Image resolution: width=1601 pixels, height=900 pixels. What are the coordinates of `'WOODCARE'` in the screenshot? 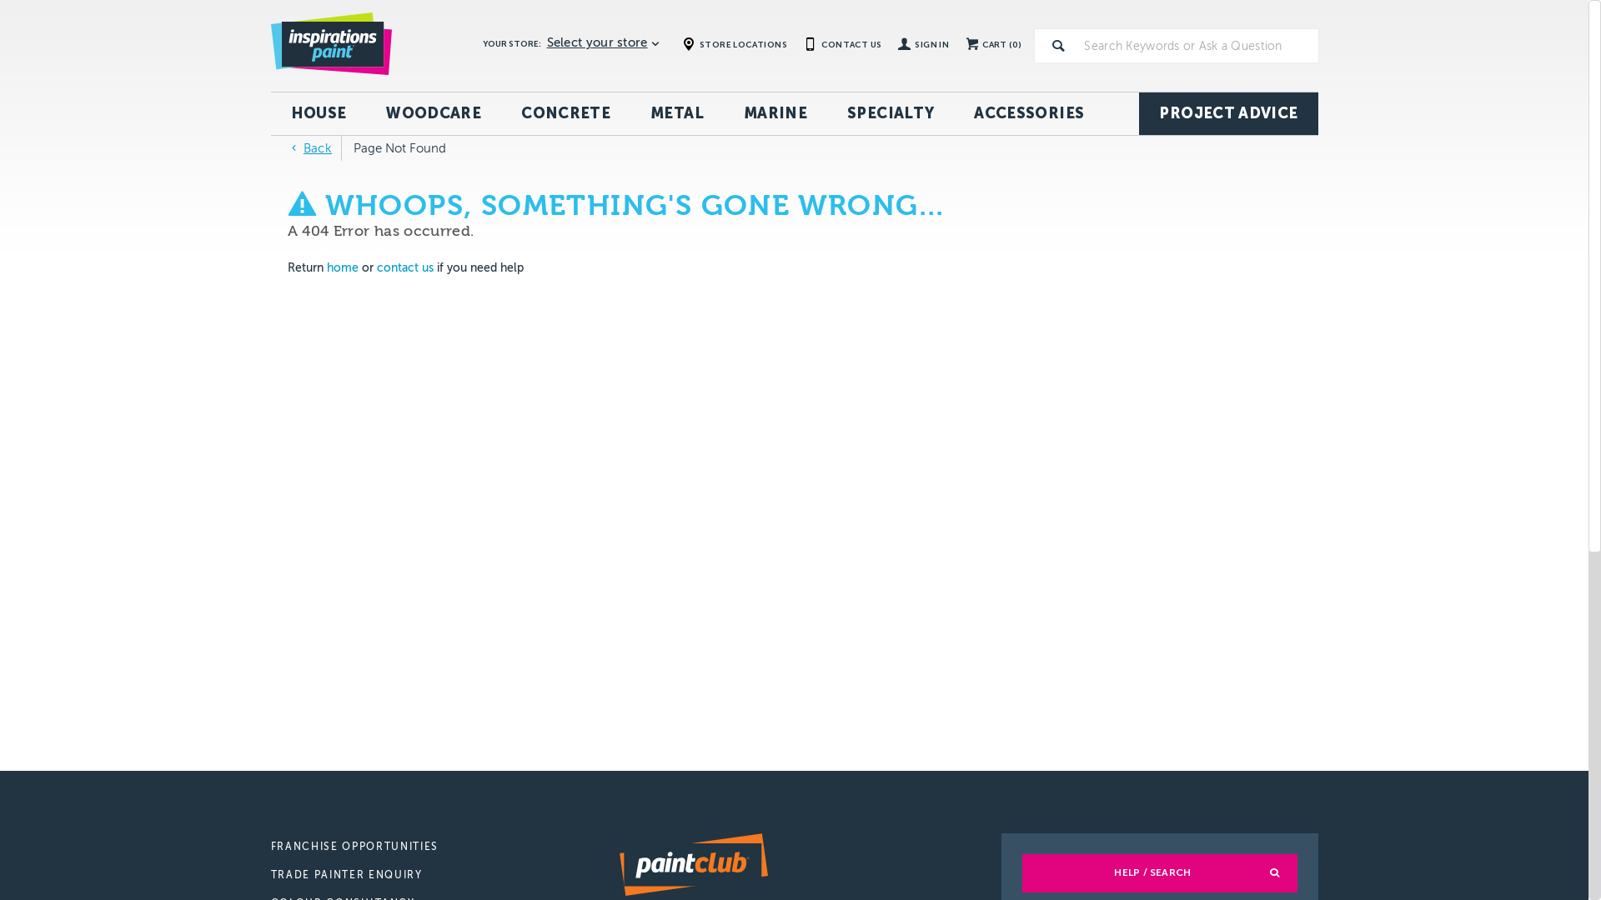 It's located at (433, 112).